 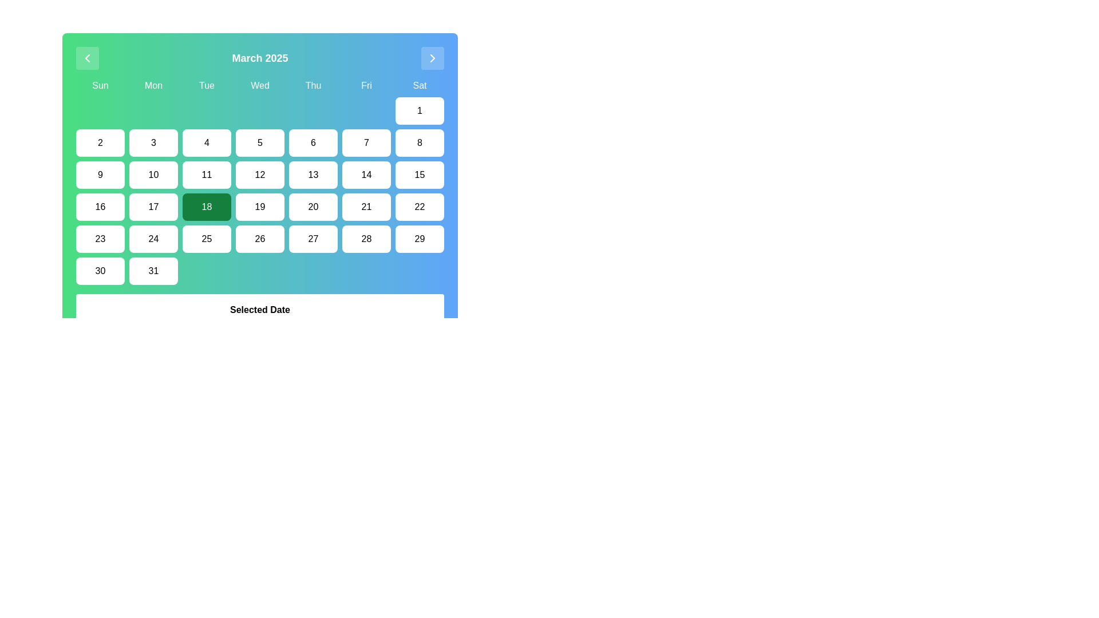 What do you see at coordinates (419, 110) in the screenshot?
I see `the first day of the month in the calendar located in the far right column under the header 'Sat'` at bounding box center [419, 110].